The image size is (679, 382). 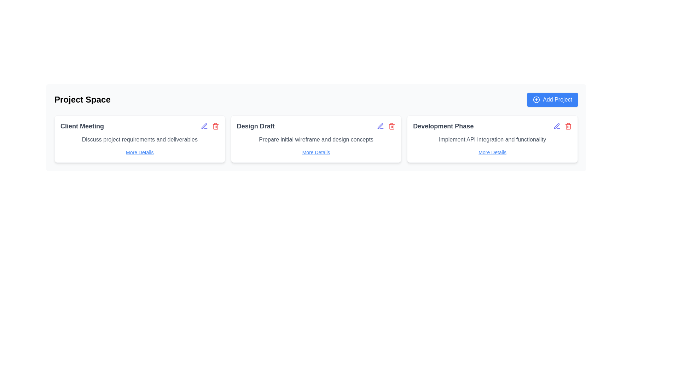 I want to click on the pen icon, which is a monochrome SVG graphic located in the top-right corner of the 'Development Phase' card, positioned left of the trash bin icon, so click(x=556, y=126).